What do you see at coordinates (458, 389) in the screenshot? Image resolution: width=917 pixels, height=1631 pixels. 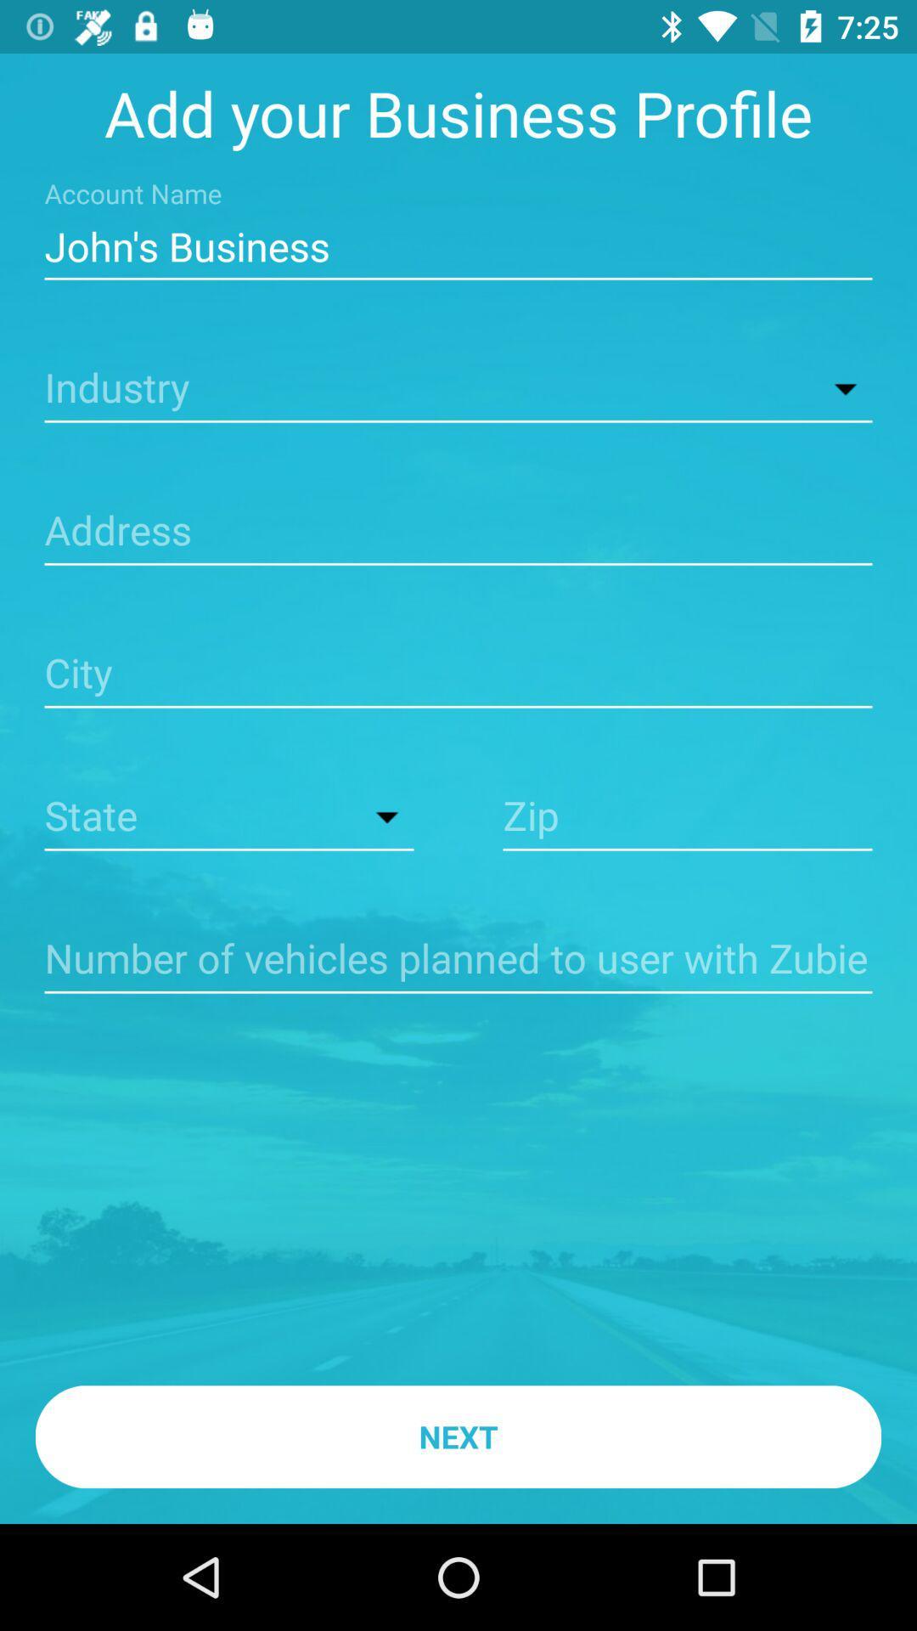 I see `sub menu entry` at bounding box center [458, 389].